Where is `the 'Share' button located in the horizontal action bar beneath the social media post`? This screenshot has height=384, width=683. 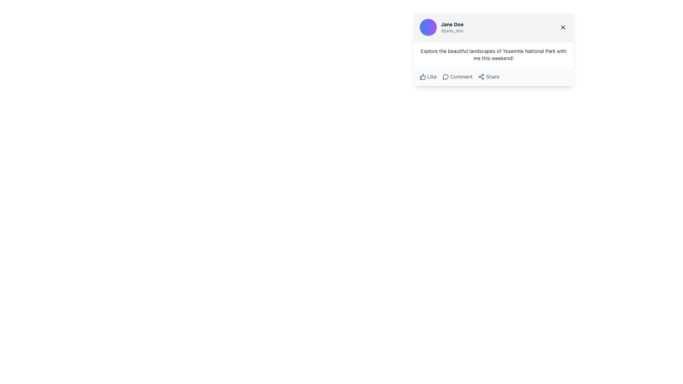
the 'Share' button located in the horizontal action bar beneath the social media post is located at coordinates (488, 77).